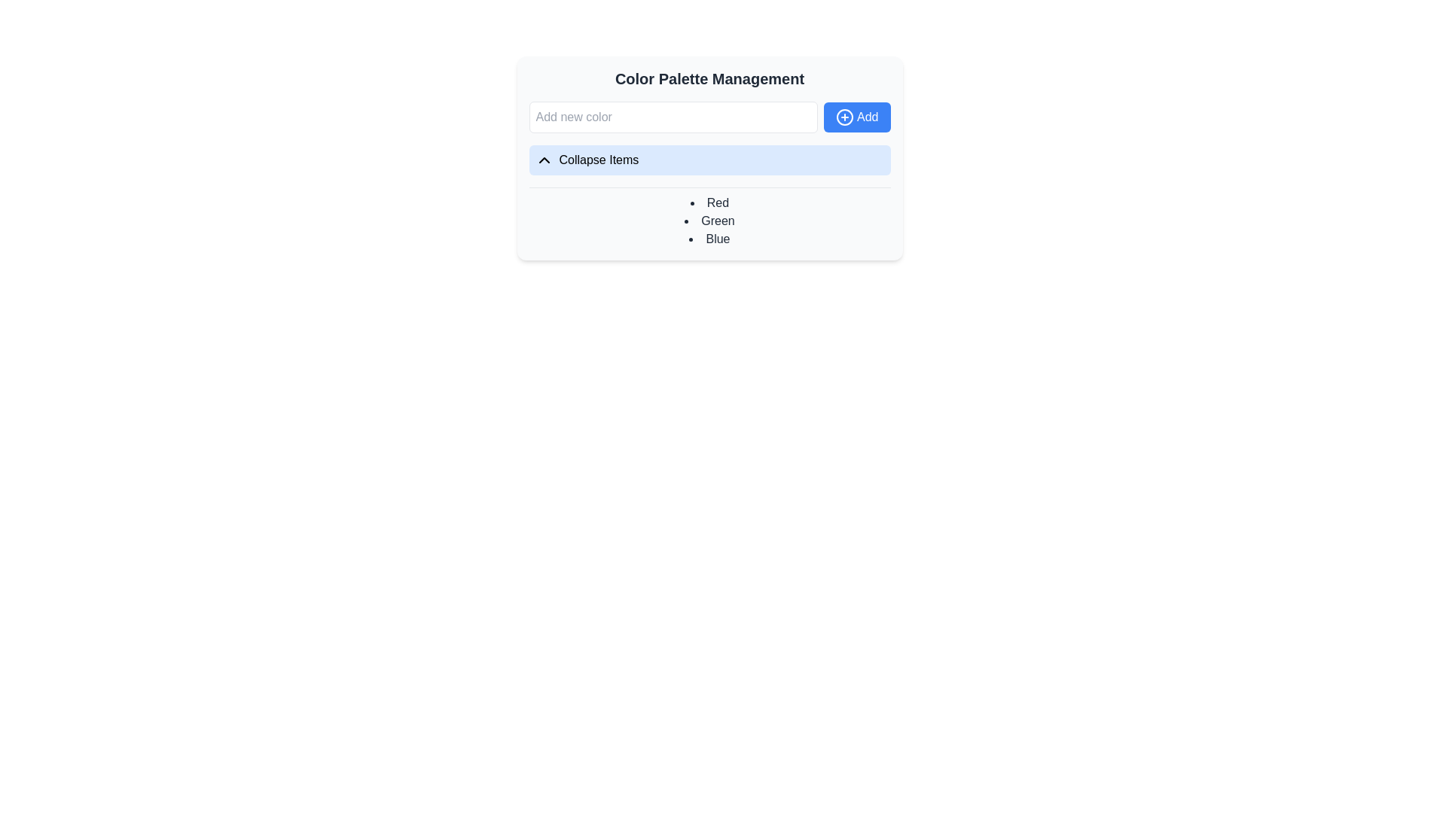 This screenshot has height=813, width=1446. What do you see at coordinates (709, 160) in the screenshot?
I see `the collapse button located below the 'Add' button and above the section displaying the items 'Red', 'Green', and 'Blue' within the 'Color Palette Management' card` at bounding box center [709, 160].